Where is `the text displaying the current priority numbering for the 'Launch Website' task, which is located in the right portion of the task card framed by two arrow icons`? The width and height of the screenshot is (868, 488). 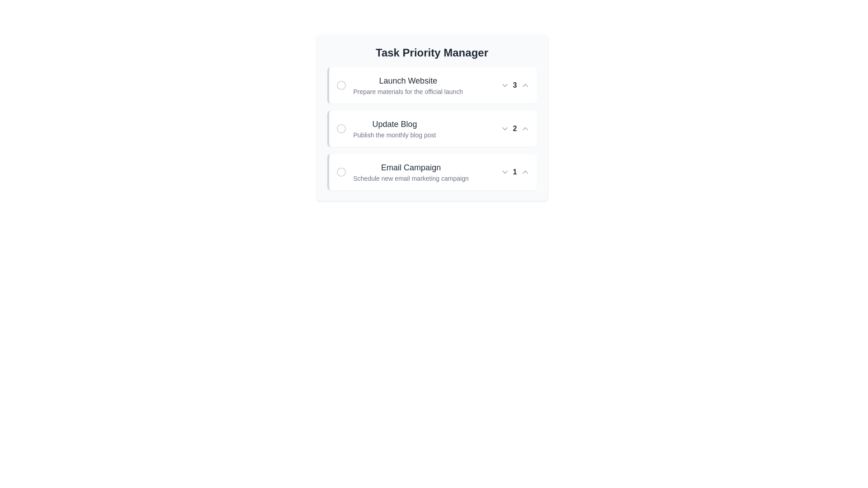
the text displaying the current priority numbering for the 'Launch Website' task, which is located in the right portion of the task card framed by two arrow icons is located at coordinates (515, 85).